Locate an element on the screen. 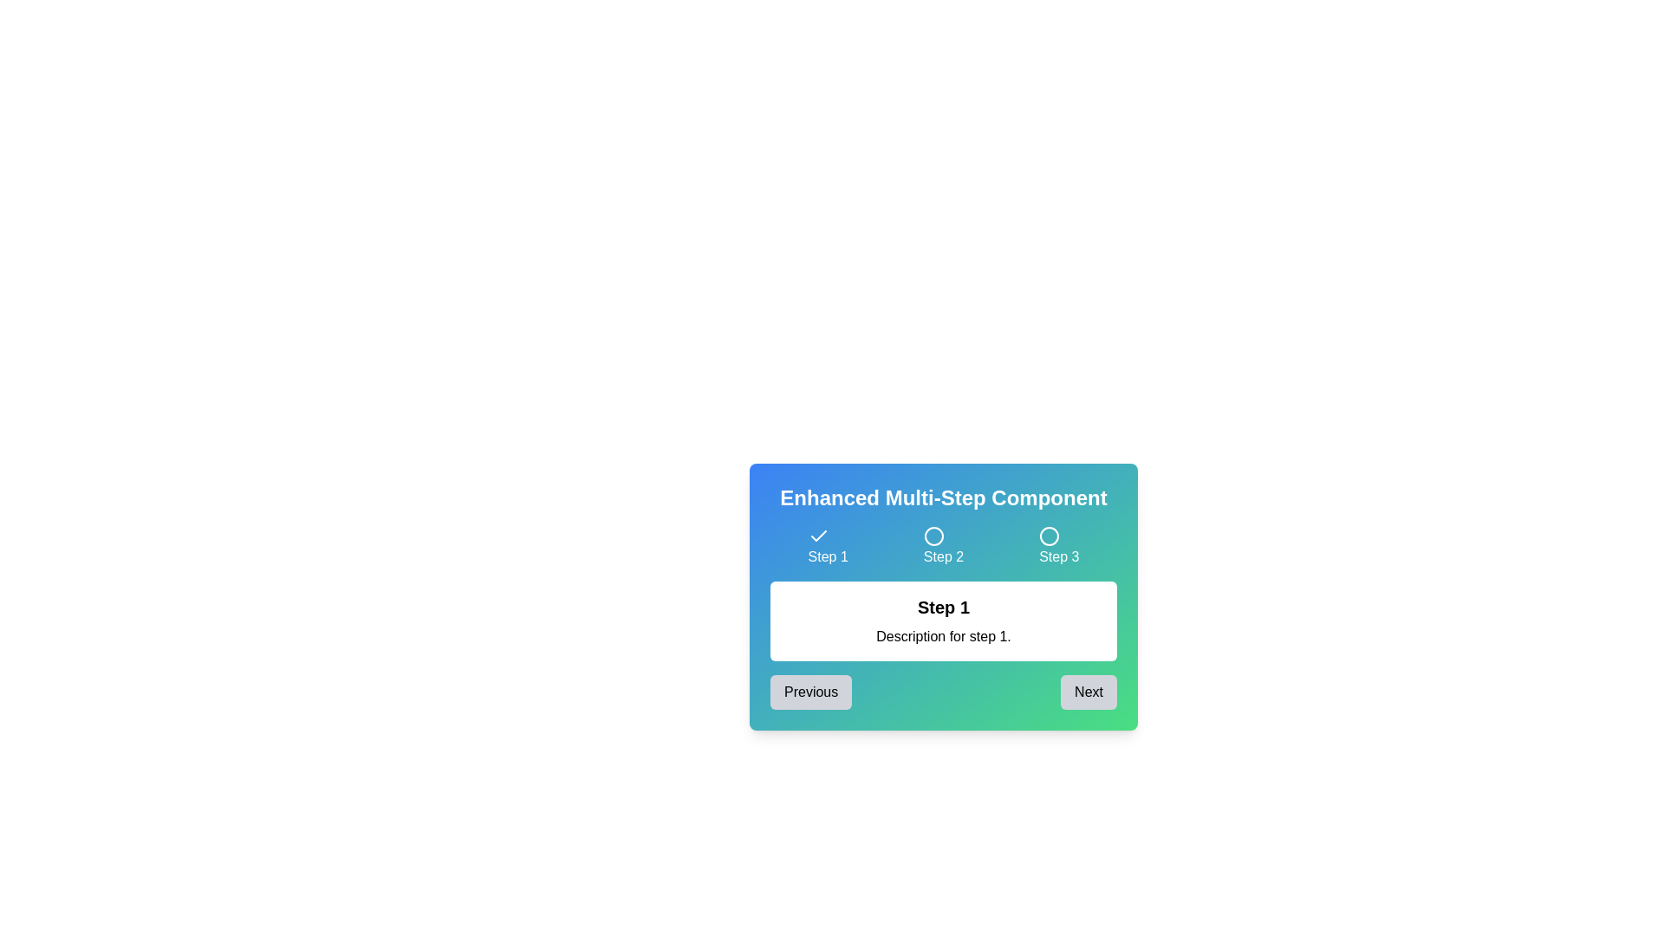  the 'Next' button to proceed to the next step is located at coordinates (1088, 691).